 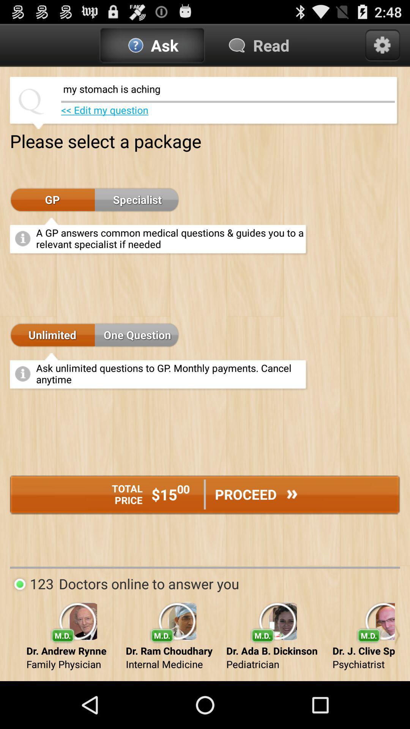 I want to click on the << edit my question item, so click(x=105, y=109).